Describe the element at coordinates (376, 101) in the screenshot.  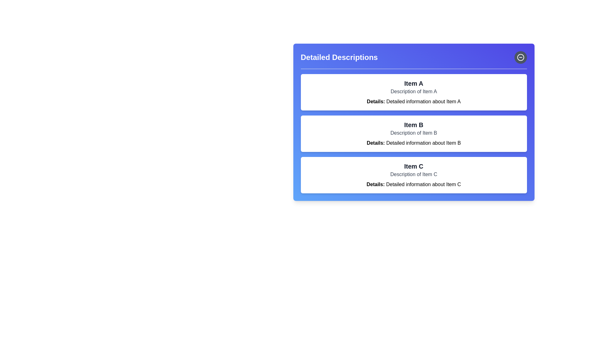
I see `the content of the text label displaying 'Details:' which is bold and positioned before the text 'Detailed information about Item A'` at that location.